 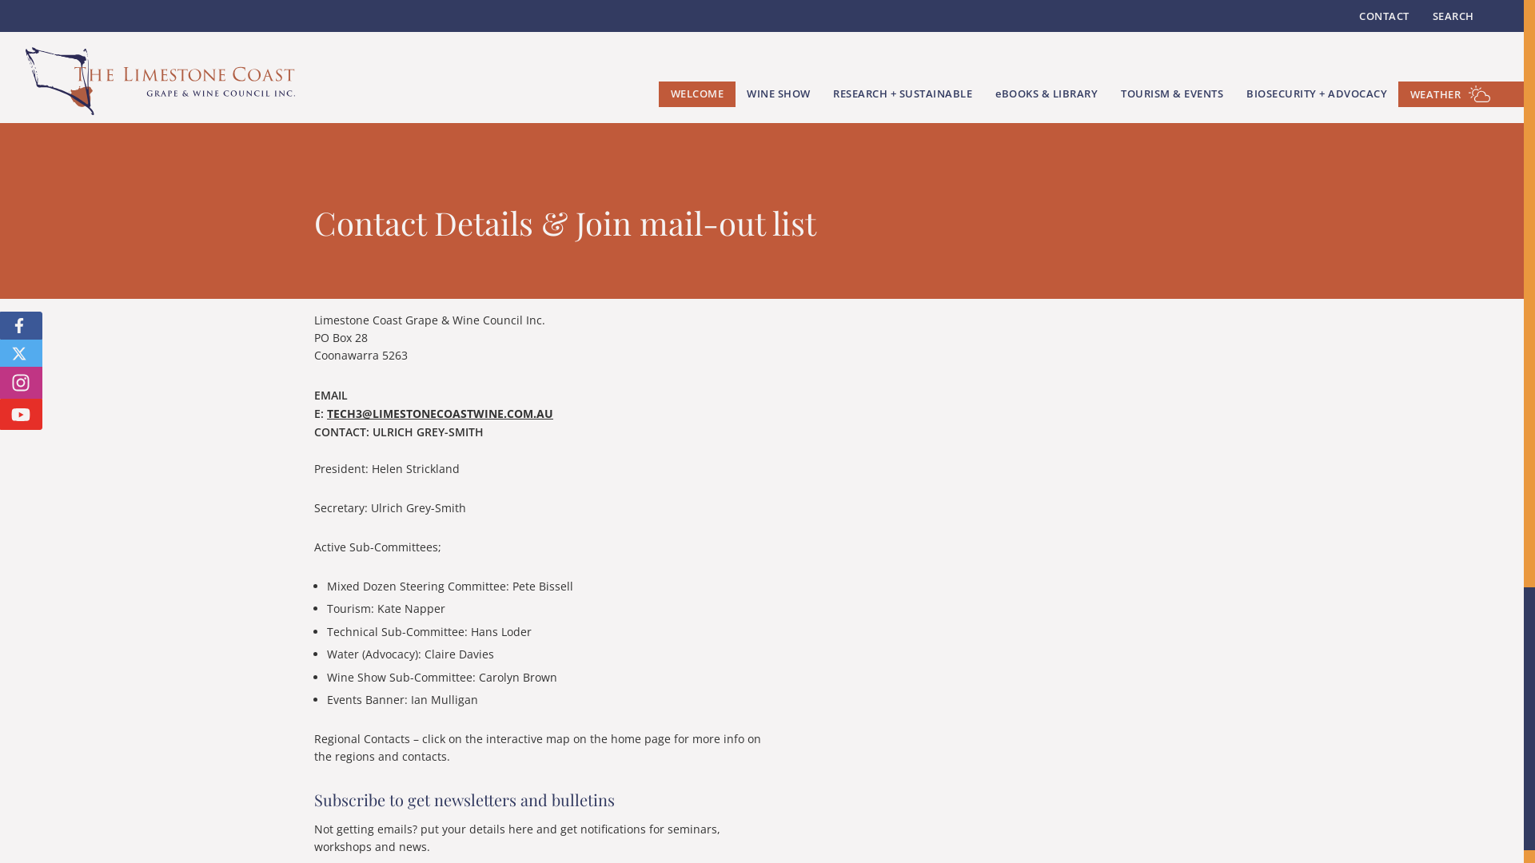 What do you see at coordinates (1172, 94) in the screenshot?
I see `'TOURISM & EVENTS'` at bounding box center [1172, 94].